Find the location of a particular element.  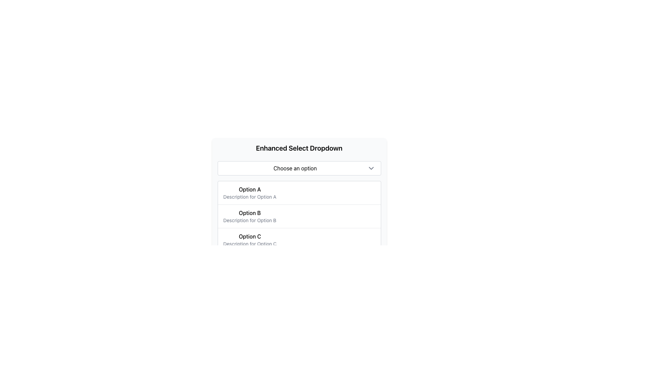

the list item containing 'Option C' is located at coordinates (299, 239).